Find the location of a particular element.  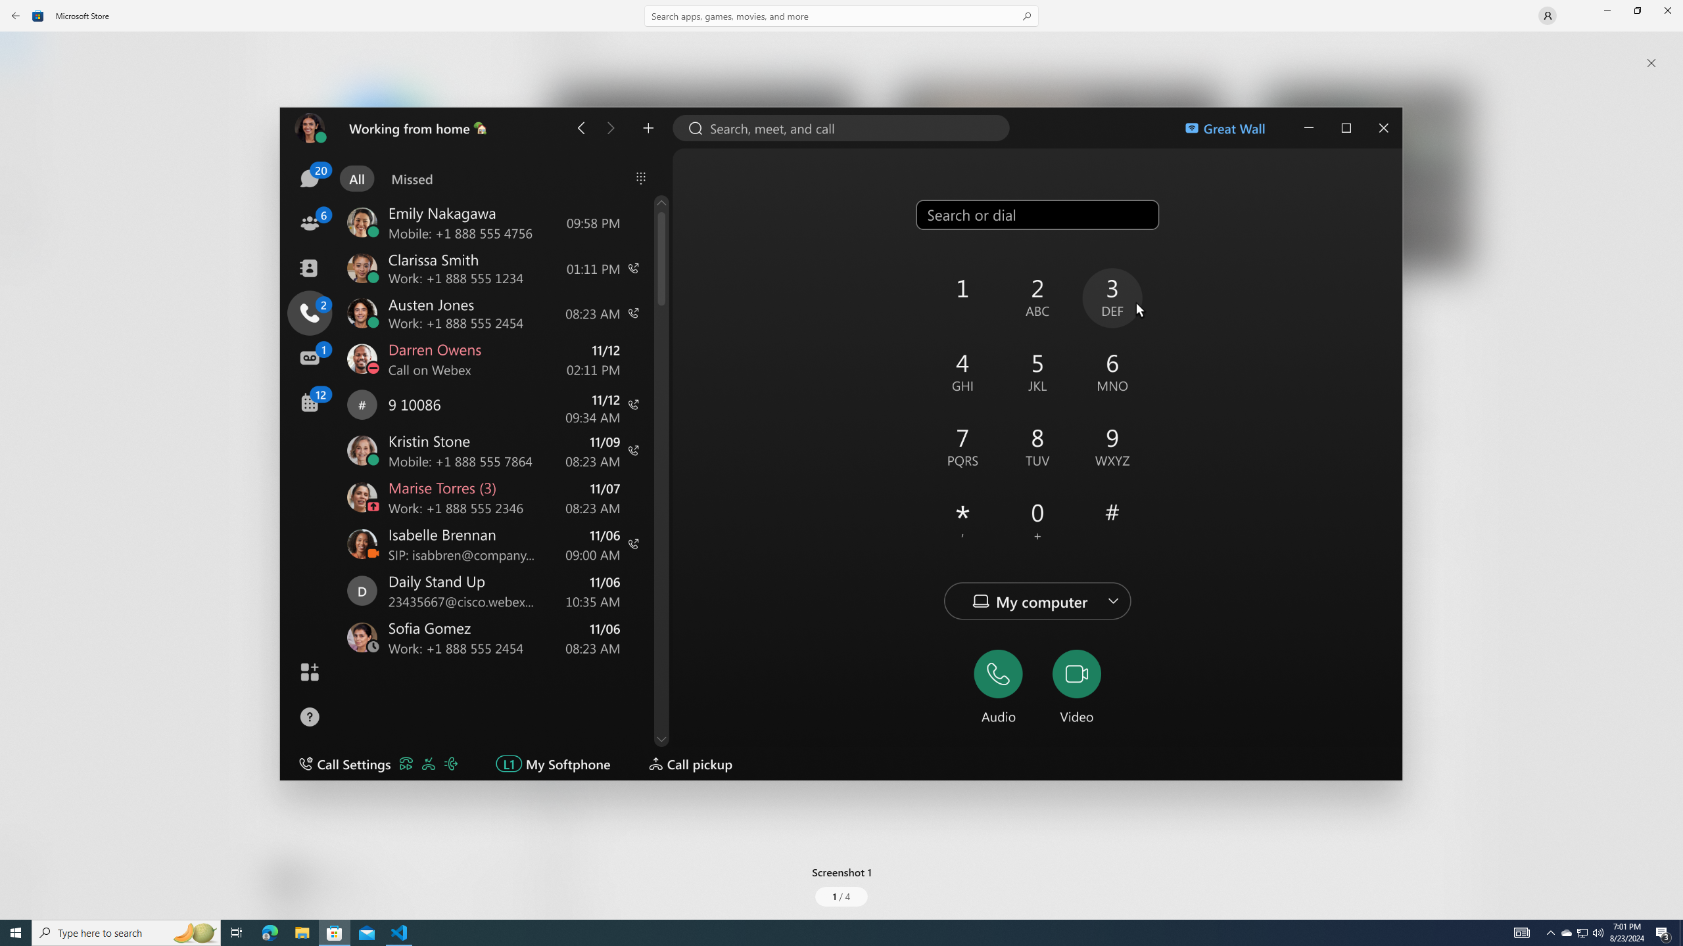

'close popup window' is located at coordinates (1651, 62).